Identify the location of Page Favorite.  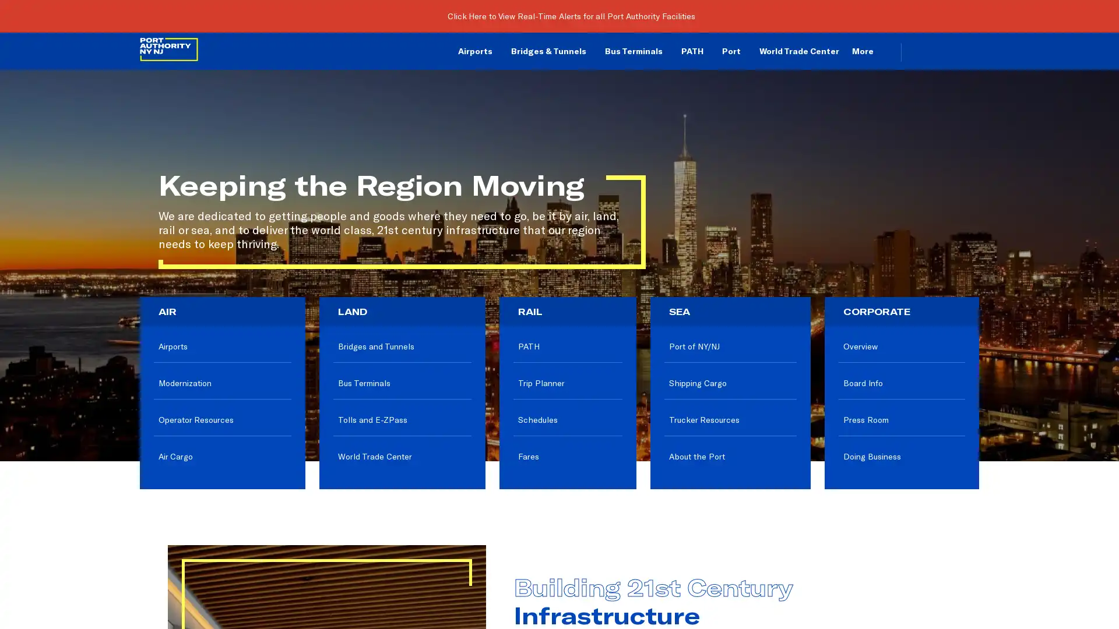
(923, 50).